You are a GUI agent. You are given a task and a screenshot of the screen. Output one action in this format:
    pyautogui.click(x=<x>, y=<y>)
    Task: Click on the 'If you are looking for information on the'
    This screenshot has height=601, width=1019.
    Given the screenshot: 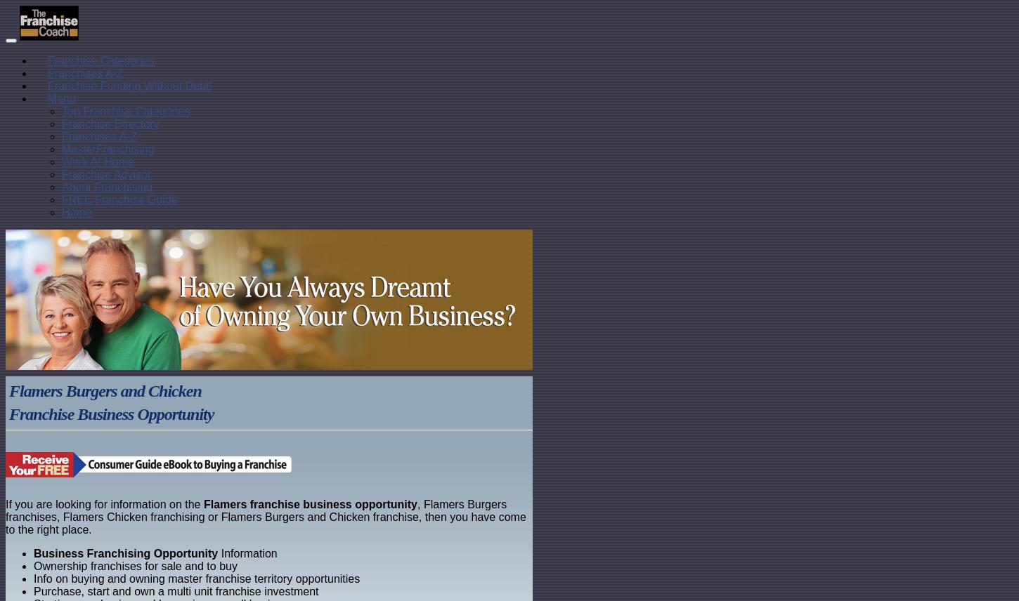 What is the action you would take?
    pyautogui.click(x=5, y=504)
    